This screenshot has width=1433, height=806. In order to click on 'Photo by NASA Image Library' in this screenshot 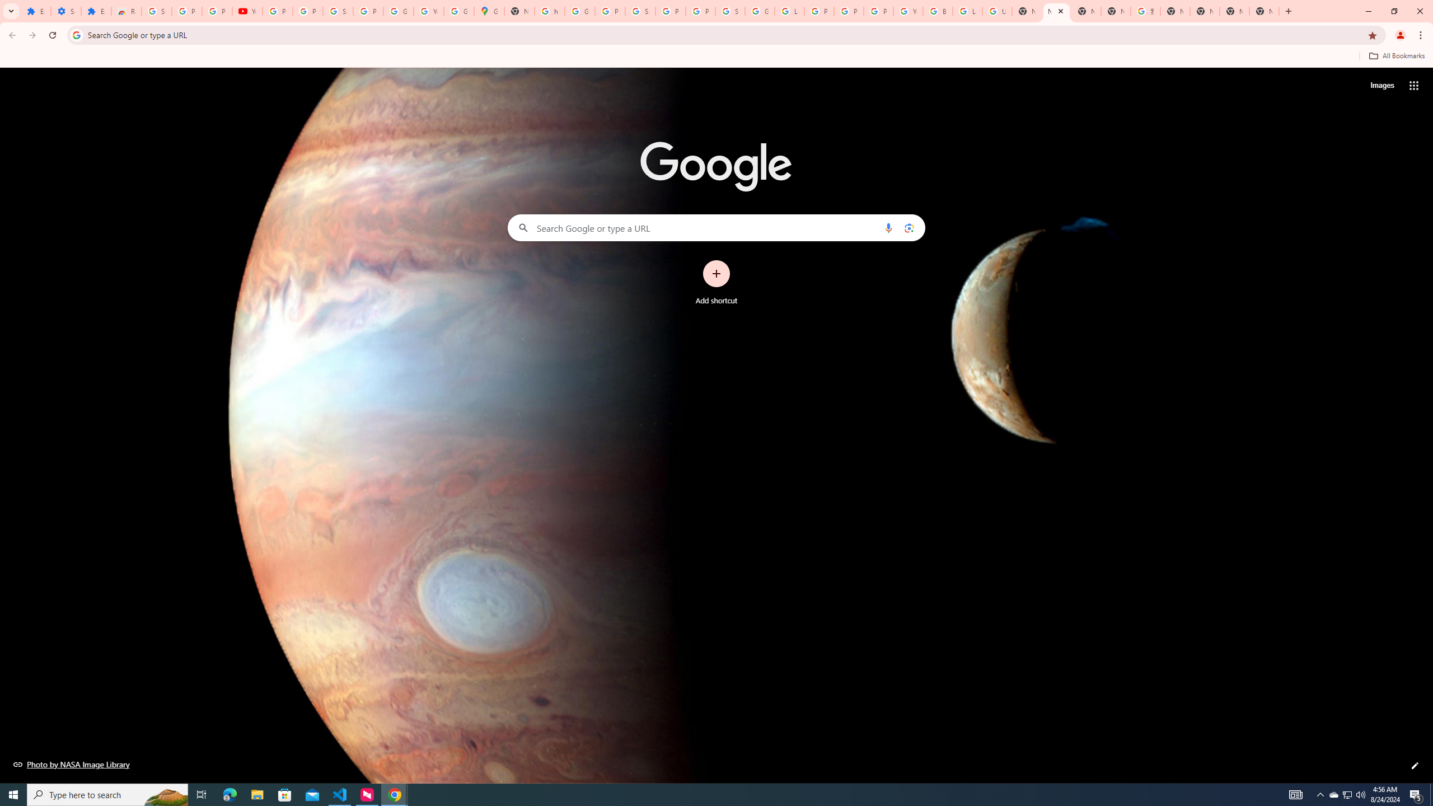, I will do `click(71, 763)`.